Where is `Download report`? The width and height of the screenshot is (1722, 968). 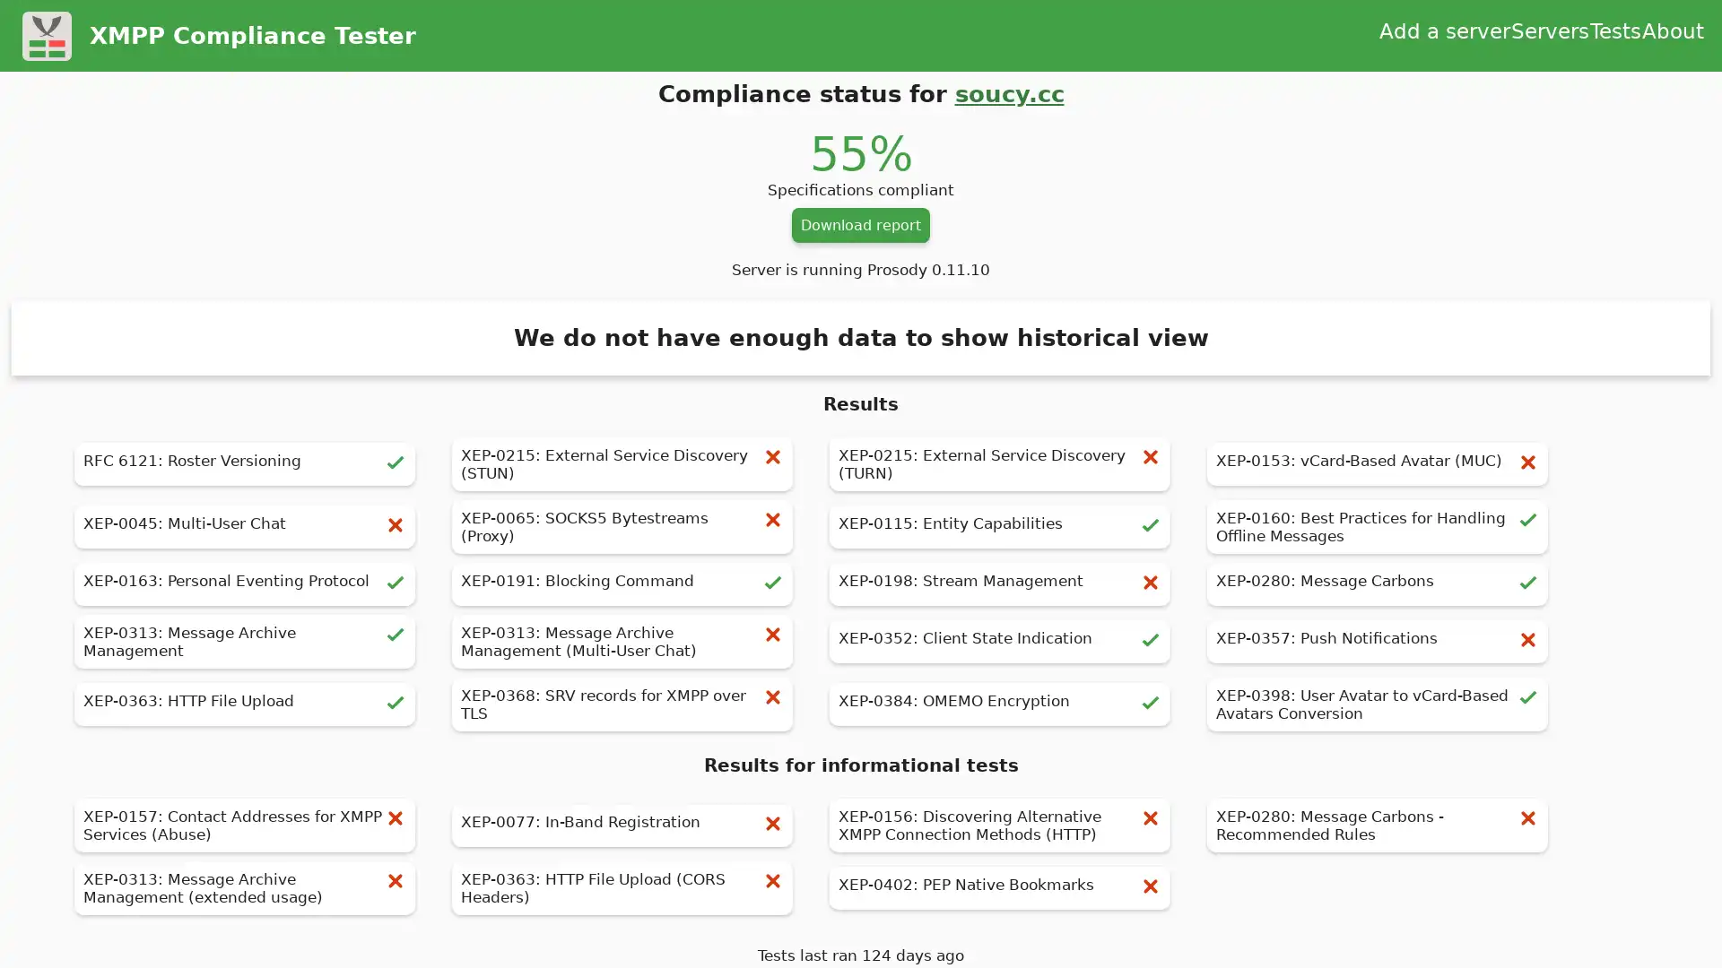
Download report is located at coordinates (861, 223).